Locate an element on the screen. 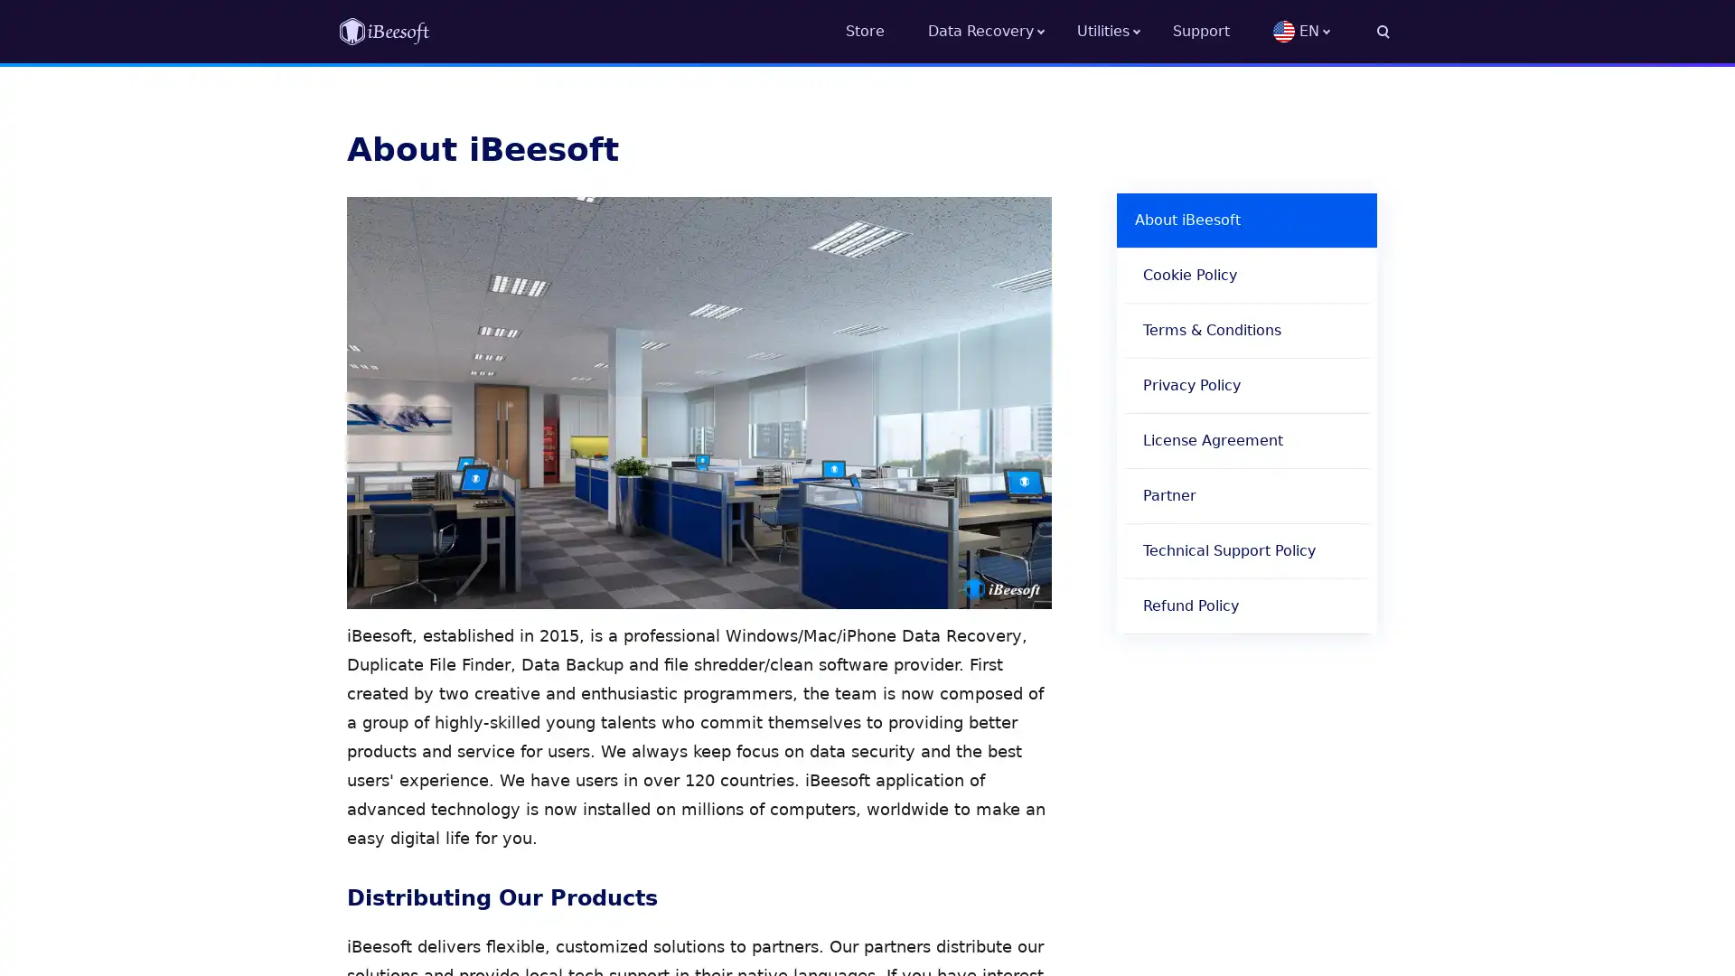 This screenshot has width=1735, height=976. languages is located at coordinates (1331, 31).